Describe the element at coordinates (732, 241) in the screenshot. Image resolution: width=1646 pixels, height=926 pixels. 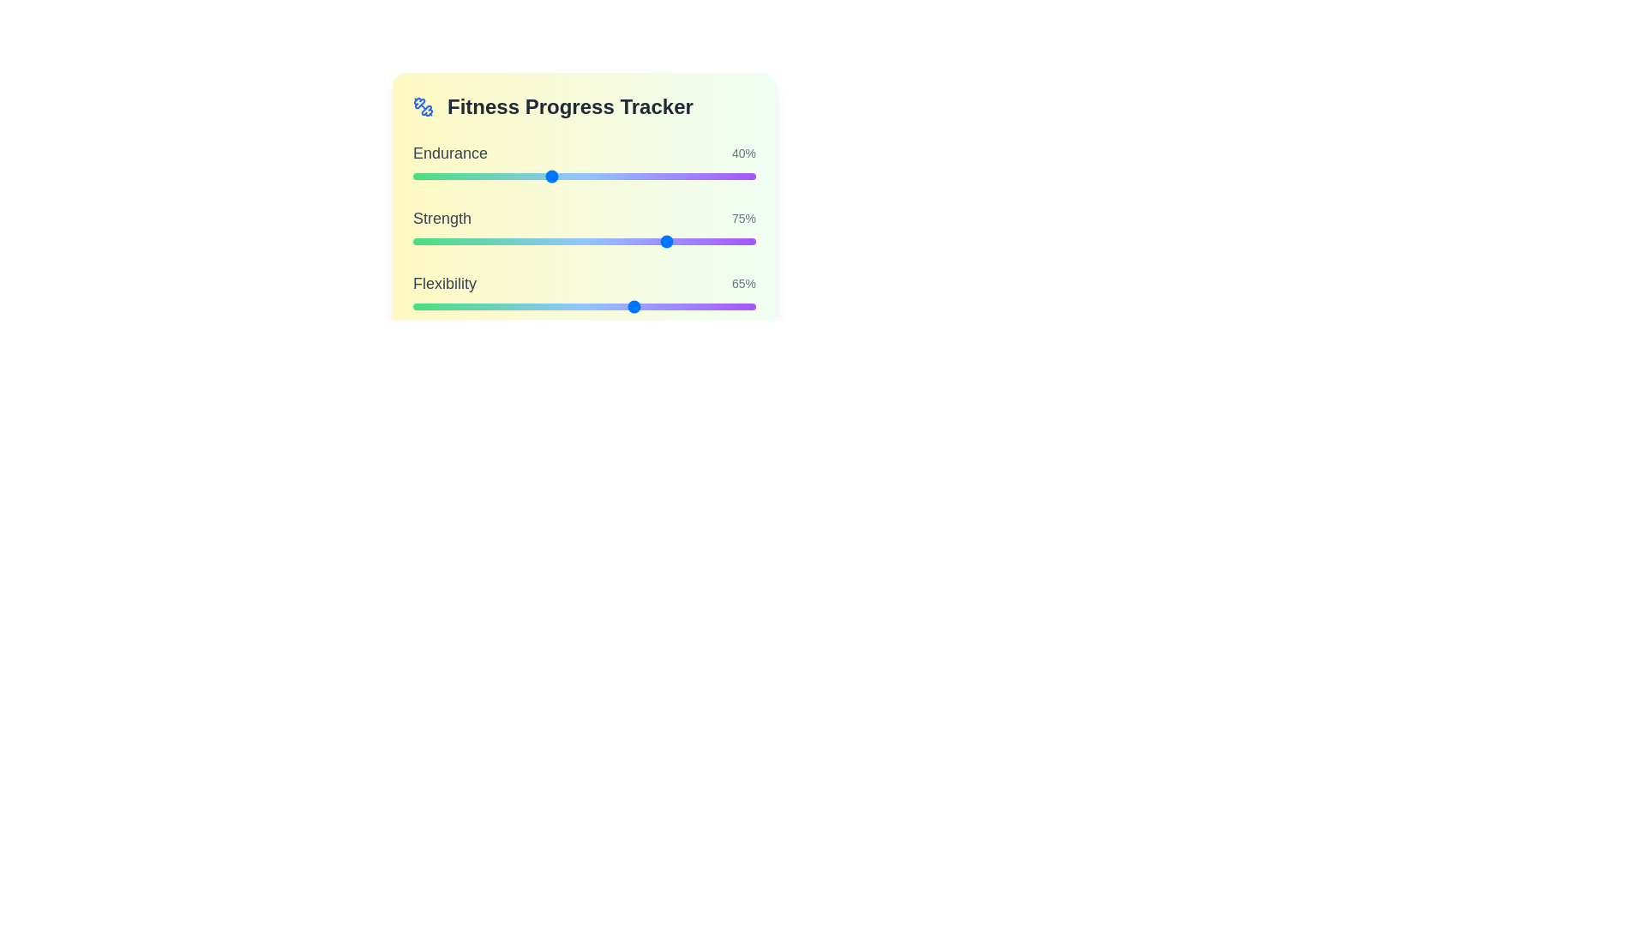
I see `the slider value` at that location.